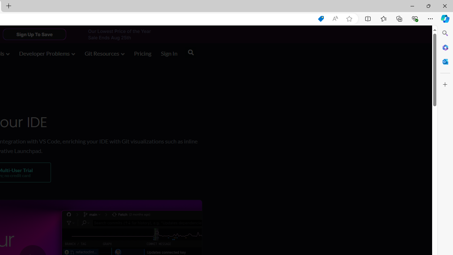 The image size is (453, 255). Describe the element at coordinates (34, 34) in the screenshot. I see `'Sign Up To Save'` at that location.